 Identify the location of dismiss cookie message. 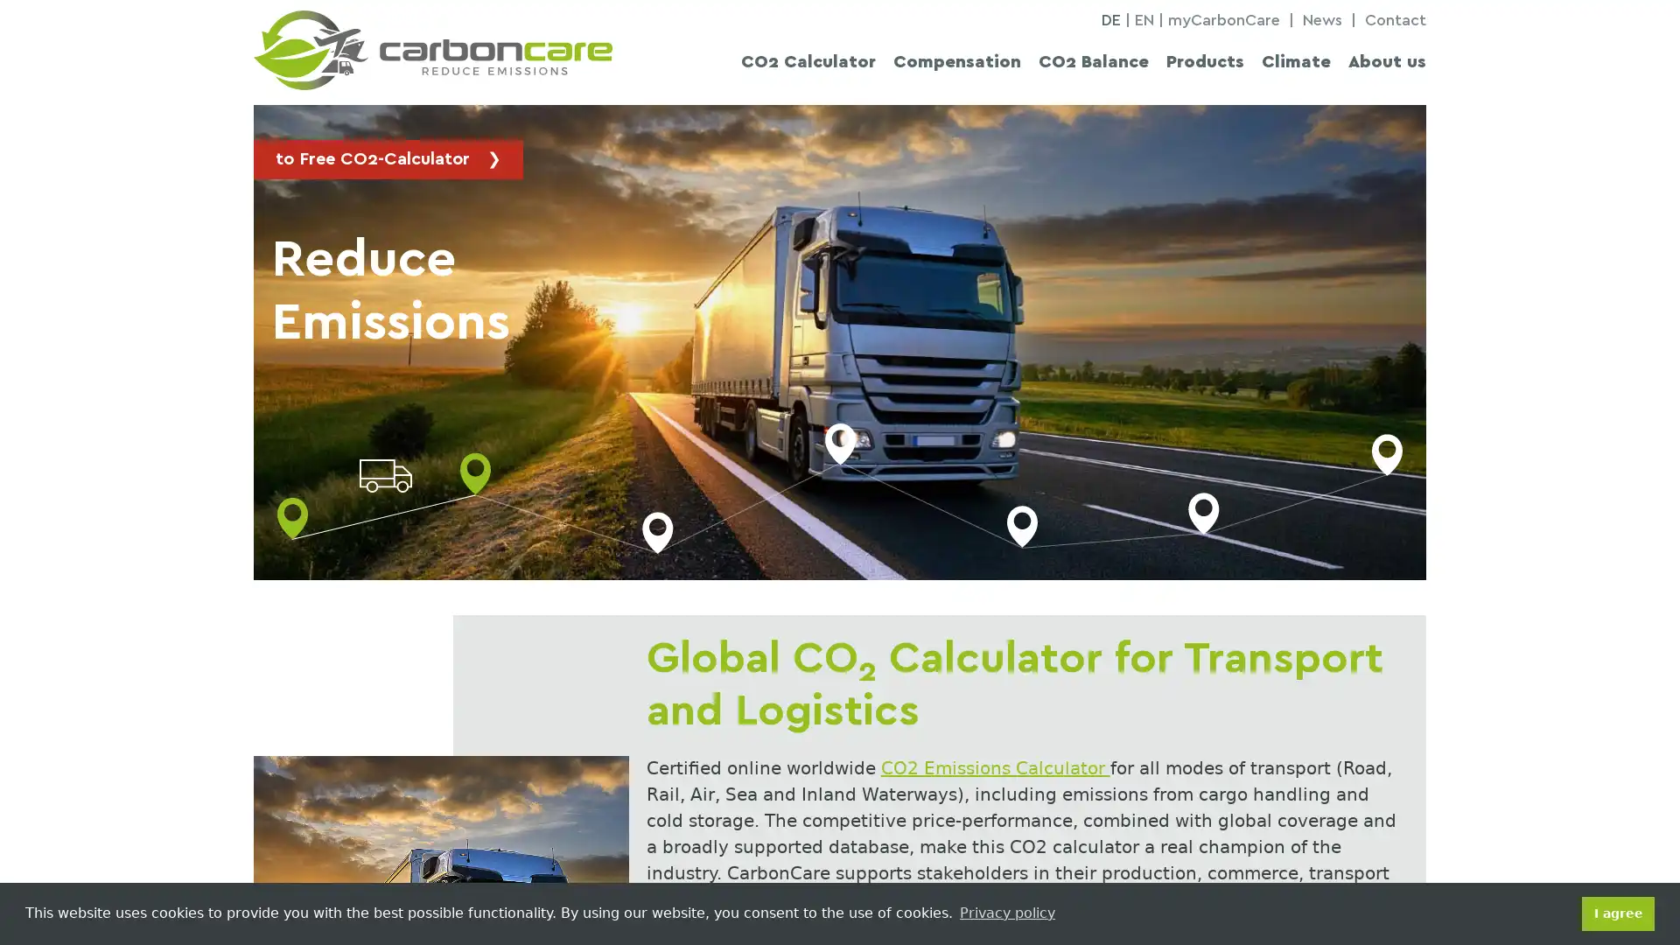
(1617, 913).